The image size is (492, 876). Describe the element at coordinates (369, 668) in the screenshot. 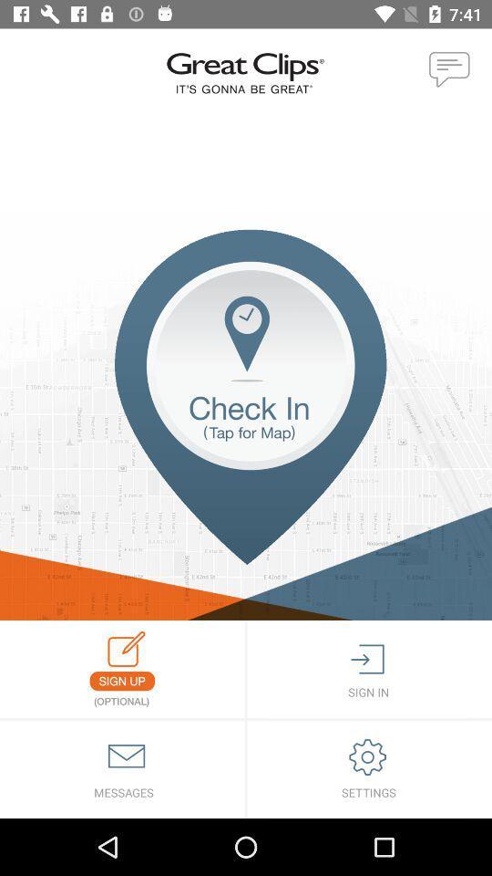

I see `open sign in page` at that location.